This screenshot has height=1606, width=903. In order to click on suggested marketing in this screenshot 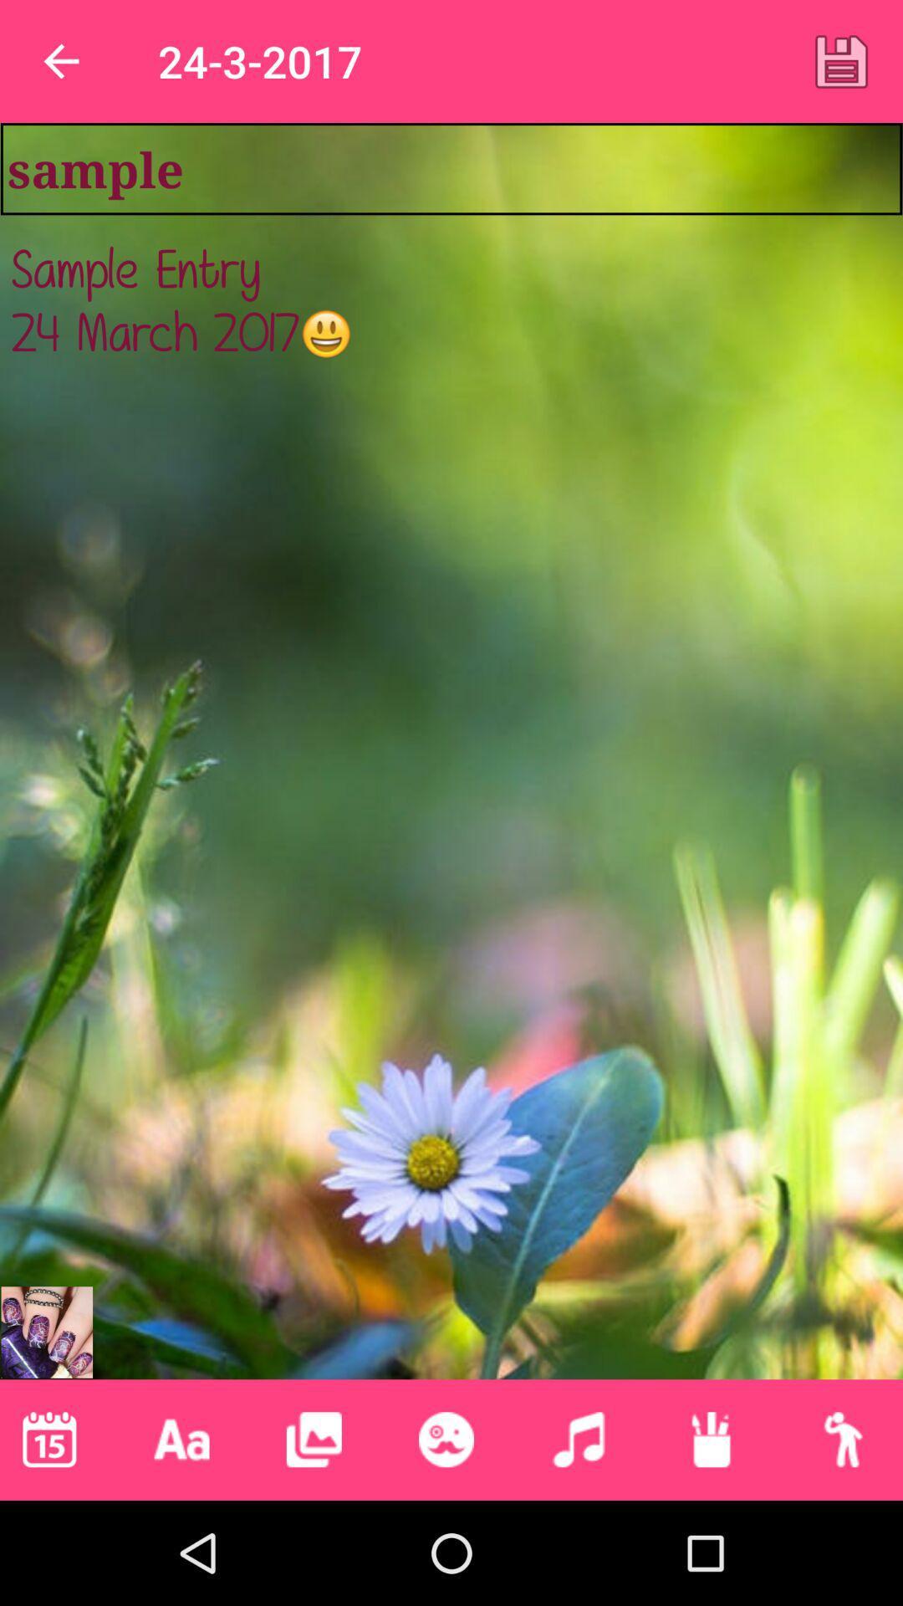, I will do `click(46, 1332)`.